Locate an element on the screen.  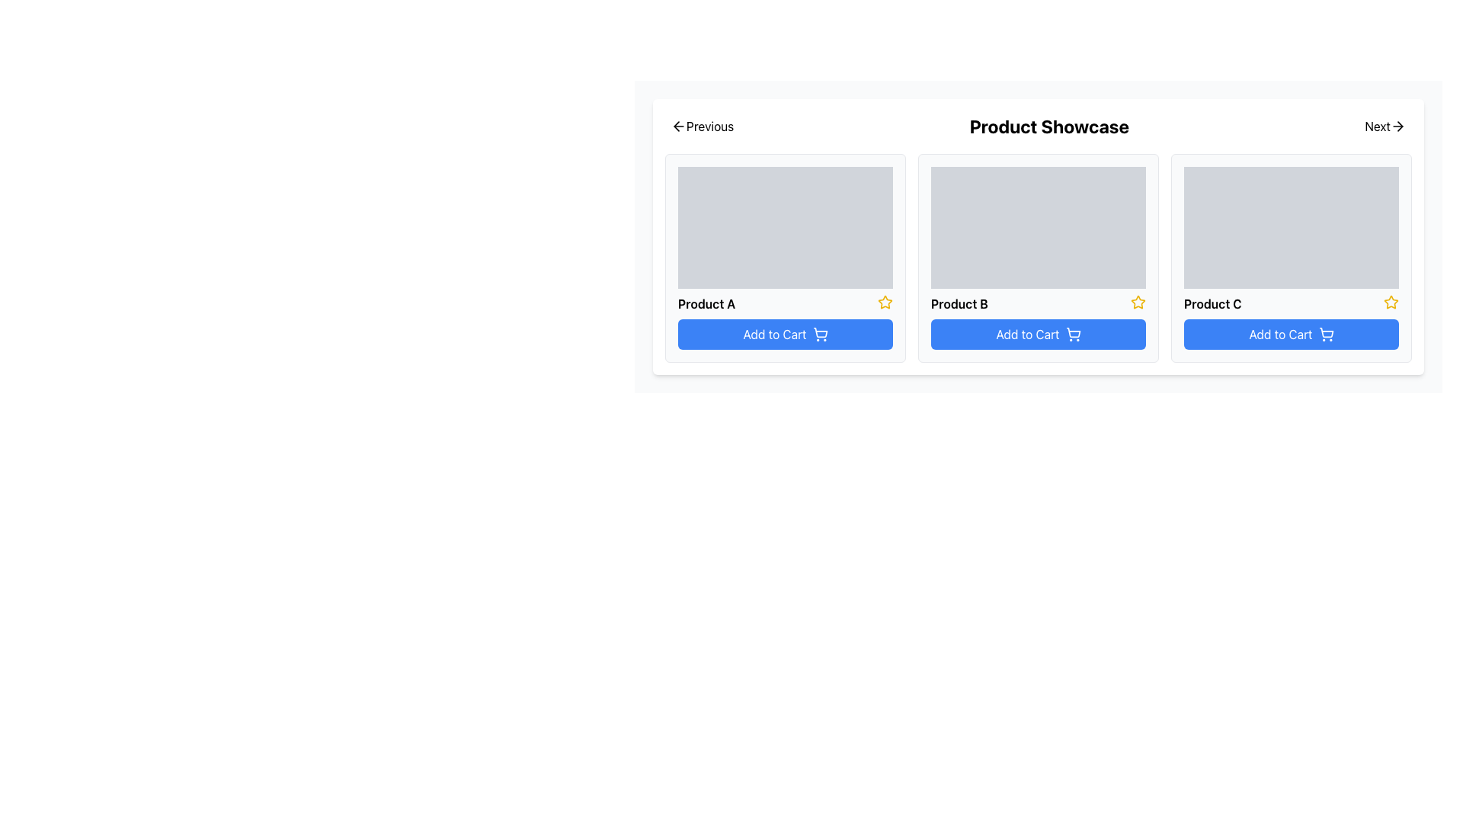
the interactive button at the bottom of Product C's card in the product showcase section is located at coordinates (1290, 334).